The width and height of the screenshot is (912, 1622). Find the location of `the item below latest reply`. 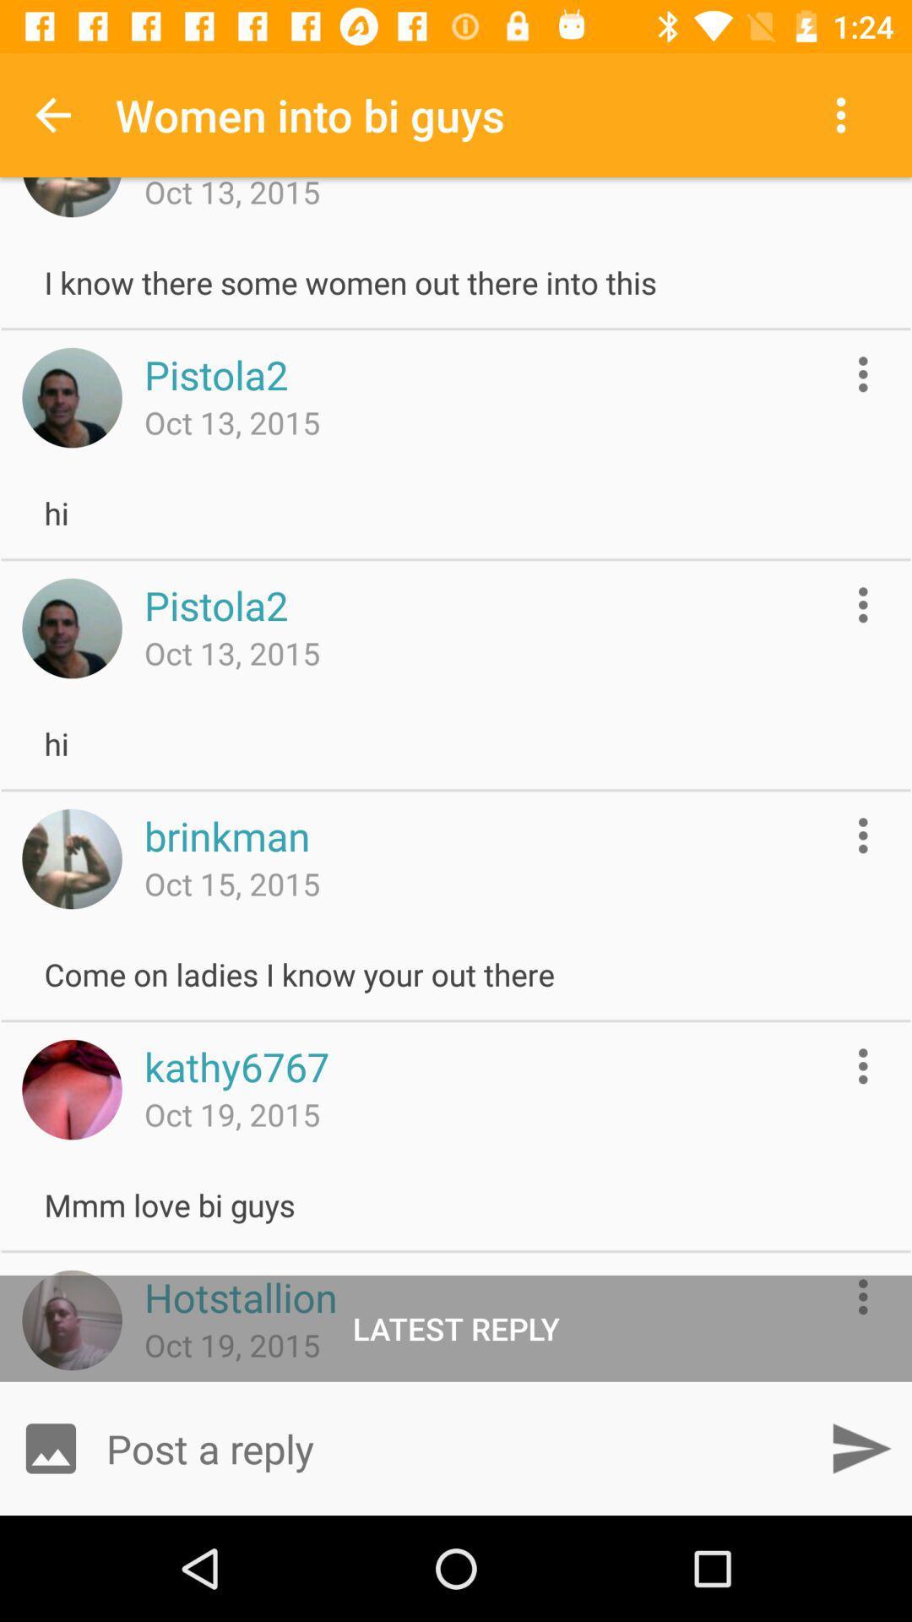

the item below latest reply is located at coordinates (860, 1447).